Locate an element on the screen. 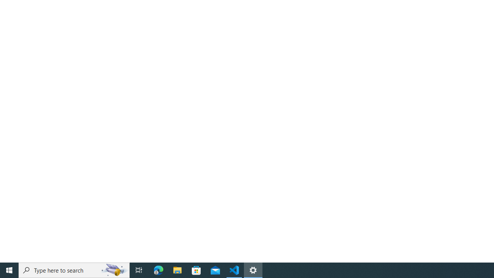 The height and width of the screenshot is (278, 494). 'Search highlights icon opens search home window' is located at coordinates (113, 270).